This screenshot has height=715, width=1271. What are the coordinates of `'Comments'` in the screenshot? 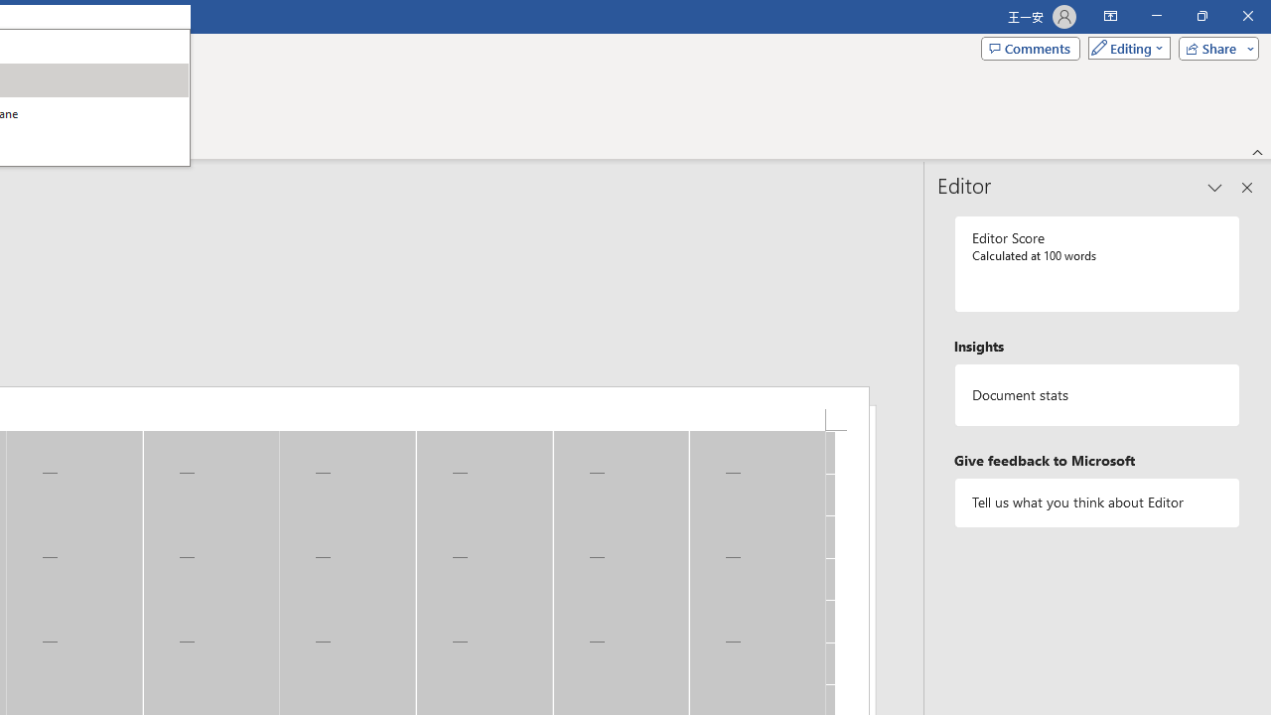 It's located at (1031, 47).